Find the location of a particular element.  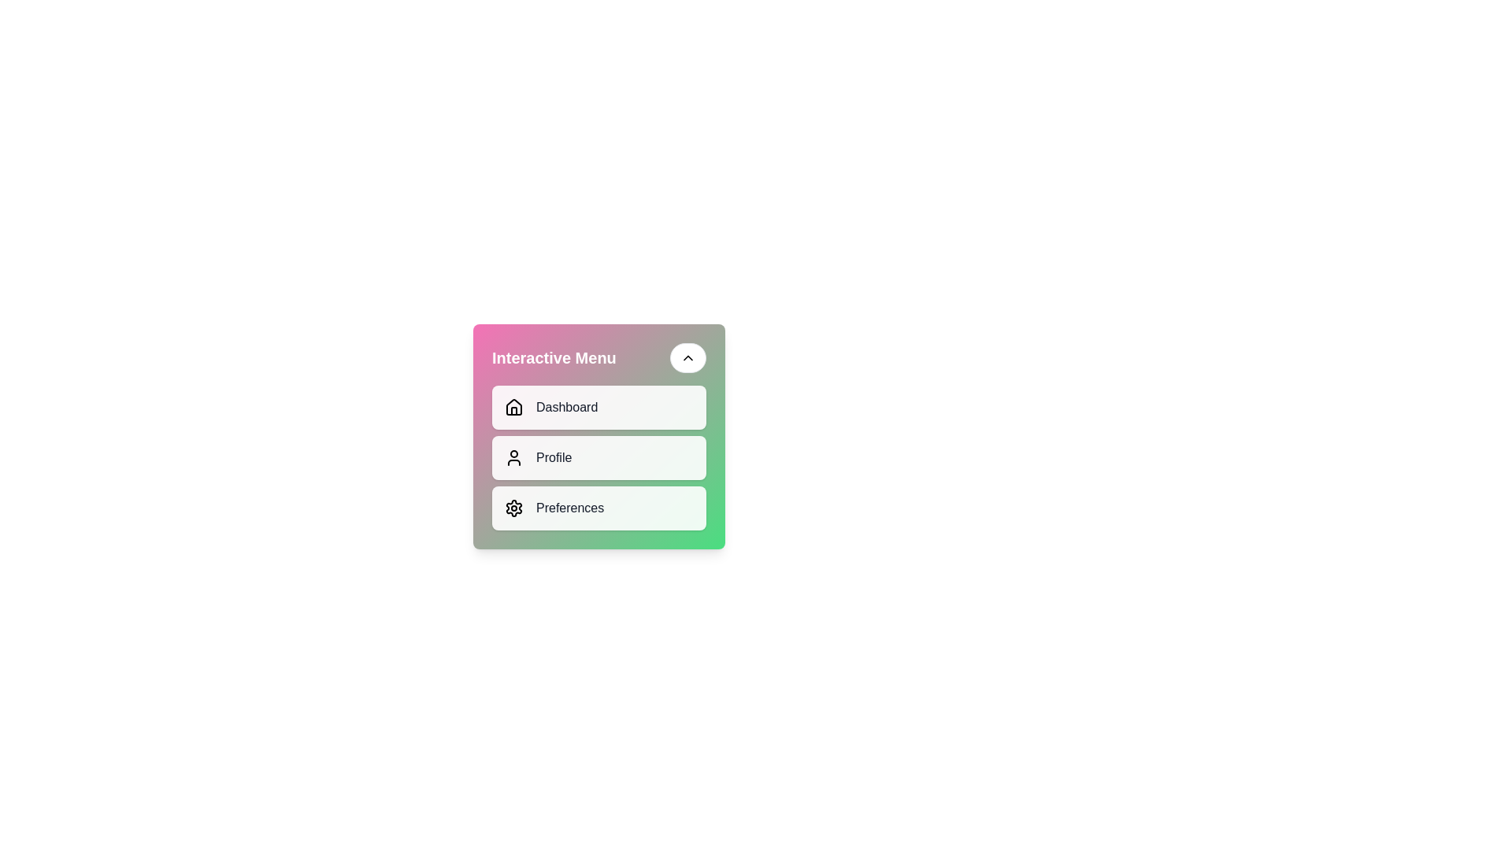

the settings icon located within the 'Preferences' button in the third row of the interactive menu is located at coordinates (513, 508).